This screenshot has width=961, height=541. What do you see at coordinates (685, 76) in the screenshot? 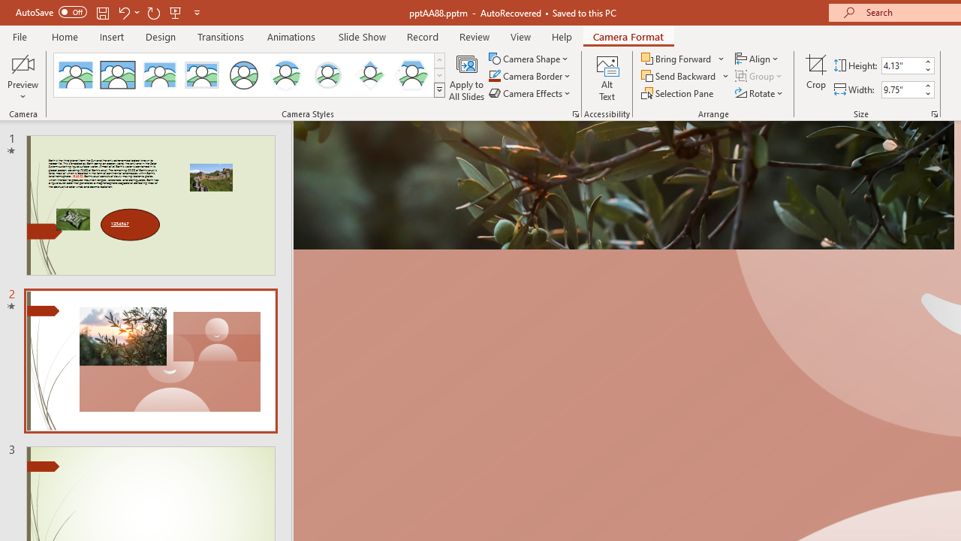
I see `'Send Backward'` at bounding box center [685, 76].